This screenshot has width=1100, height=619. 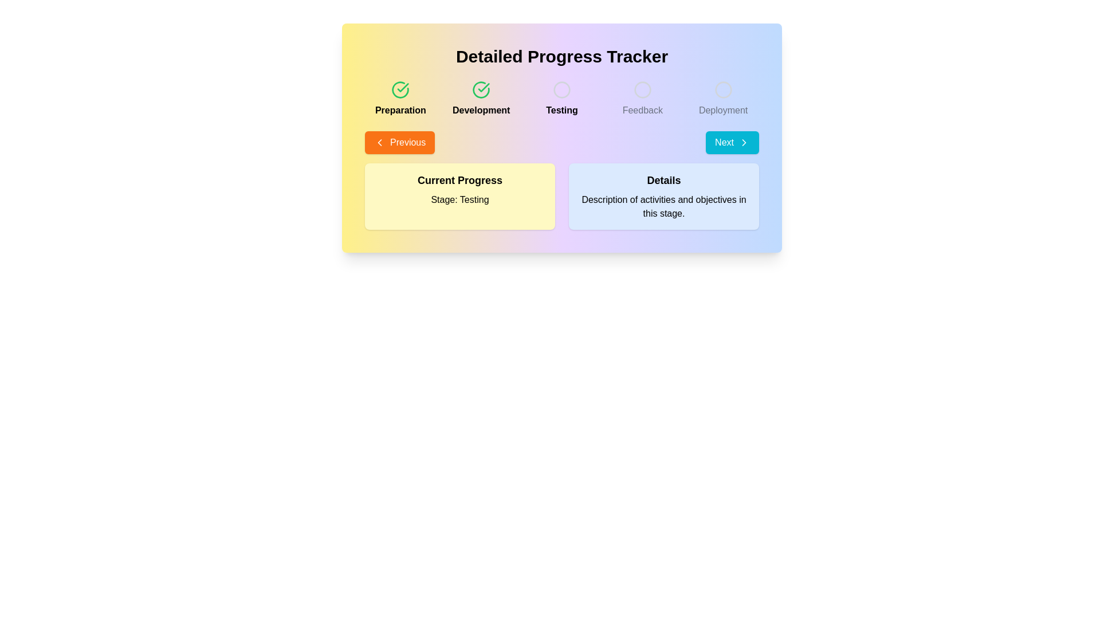 I want to click on the first icon in the series of status indicators at the top of the 'Detailed Progress Tracker' interface to interact with the completion status of the 'Preparation' phase, so click(x=400, y=89).